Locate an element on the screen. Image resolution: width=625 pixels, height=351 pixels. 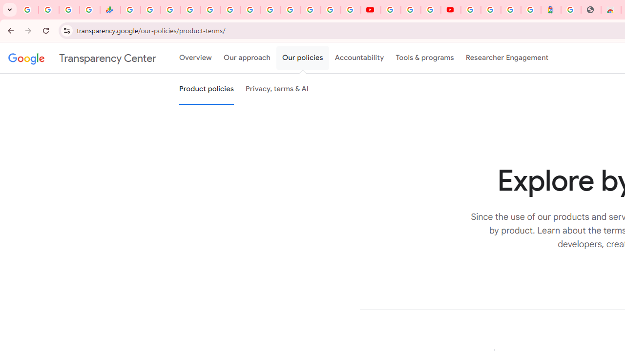
'Privacy Checkup' is located at coordinates (351, 10).